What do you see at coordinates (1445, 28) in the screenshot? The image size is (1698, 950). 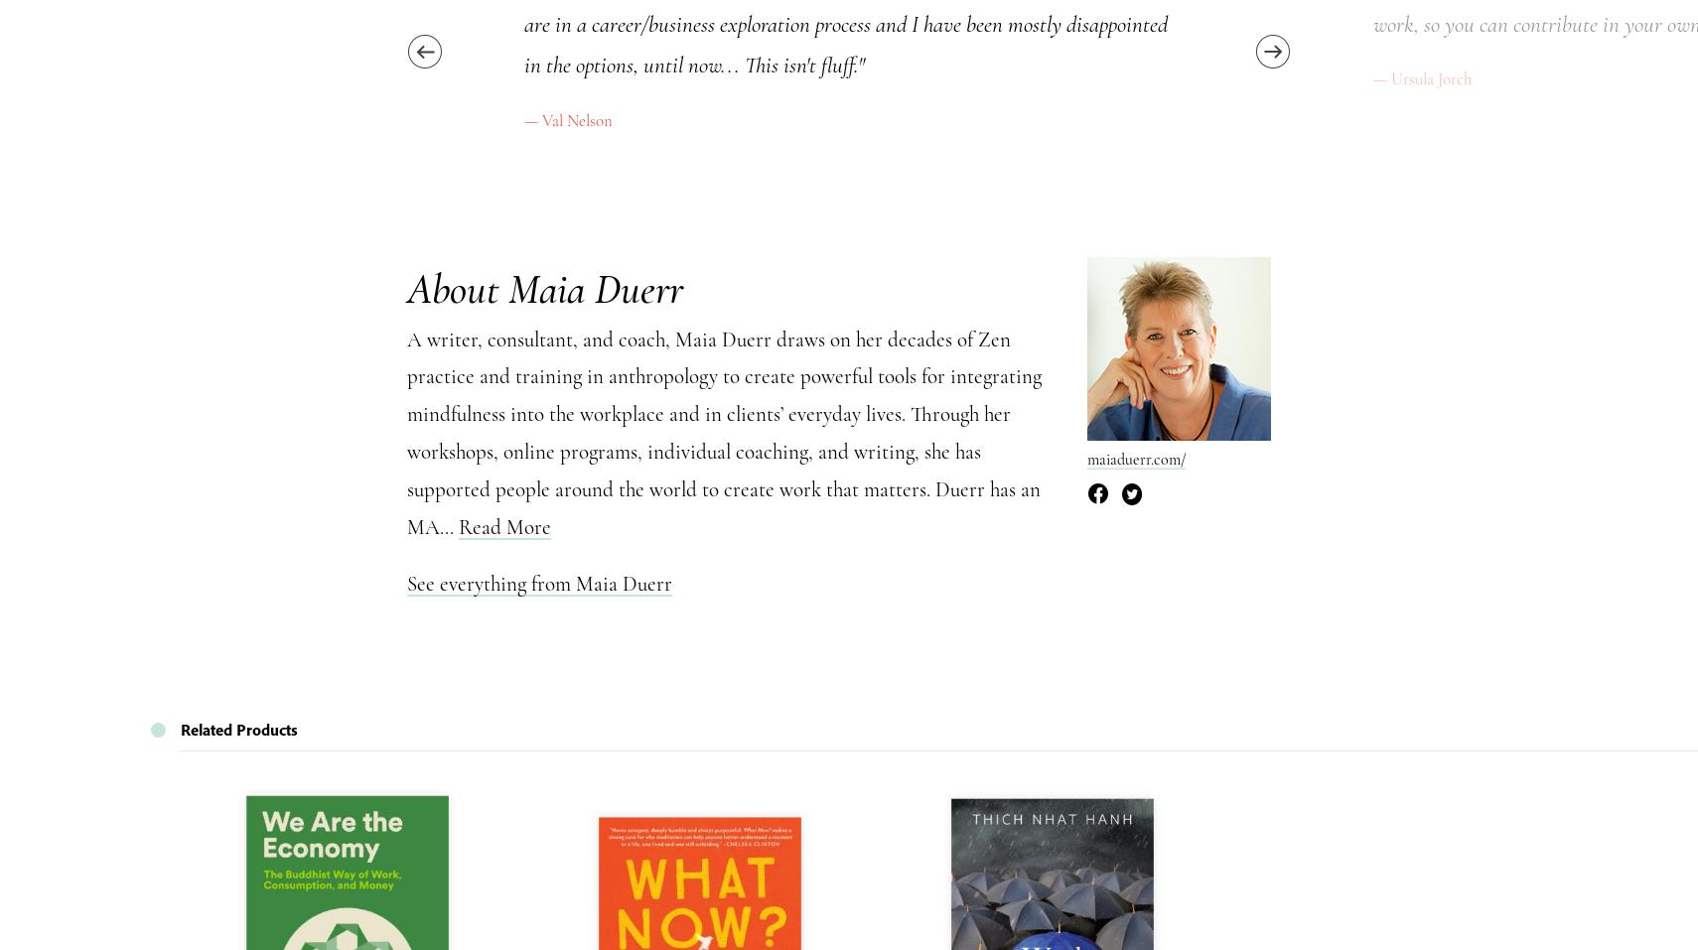 I see `'Read More'` at bounding box center [1445, 28].